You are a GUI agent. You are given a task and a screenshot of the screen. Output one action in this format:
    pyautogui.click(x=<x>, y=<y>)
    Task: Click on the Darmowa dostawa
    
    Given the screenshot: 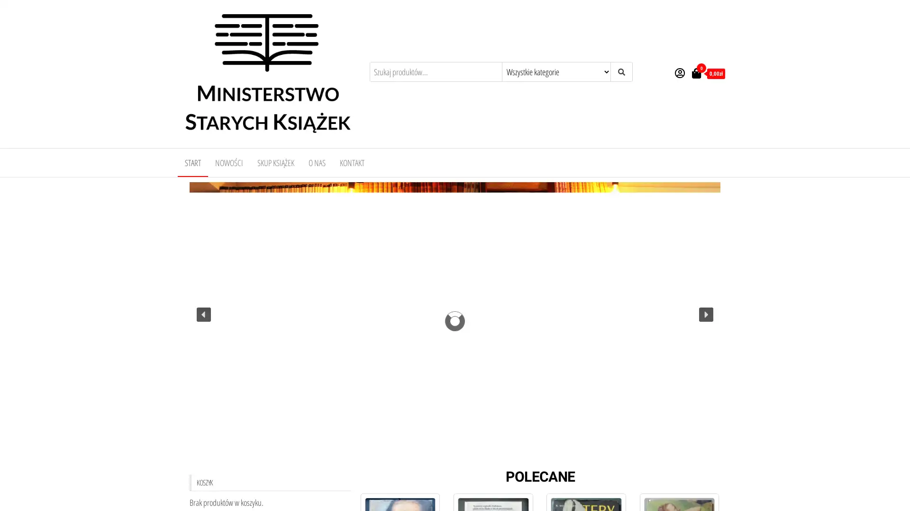 What is the action you would take?
    pyautogui.click(x=464, y=455)
    